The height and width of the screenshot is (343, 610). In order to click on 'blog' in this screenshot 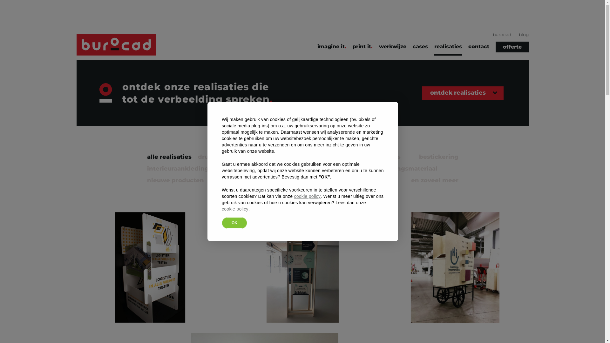, I will do `click(523, 34)`.